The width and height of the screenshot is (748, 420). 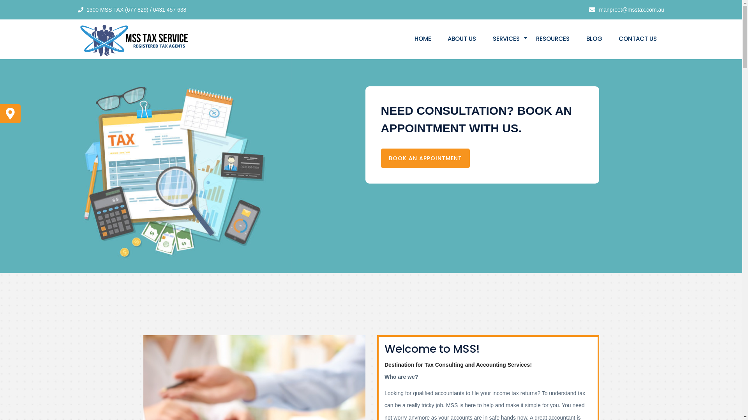 I want to click on 'HOME', so click(x=407, y=39).